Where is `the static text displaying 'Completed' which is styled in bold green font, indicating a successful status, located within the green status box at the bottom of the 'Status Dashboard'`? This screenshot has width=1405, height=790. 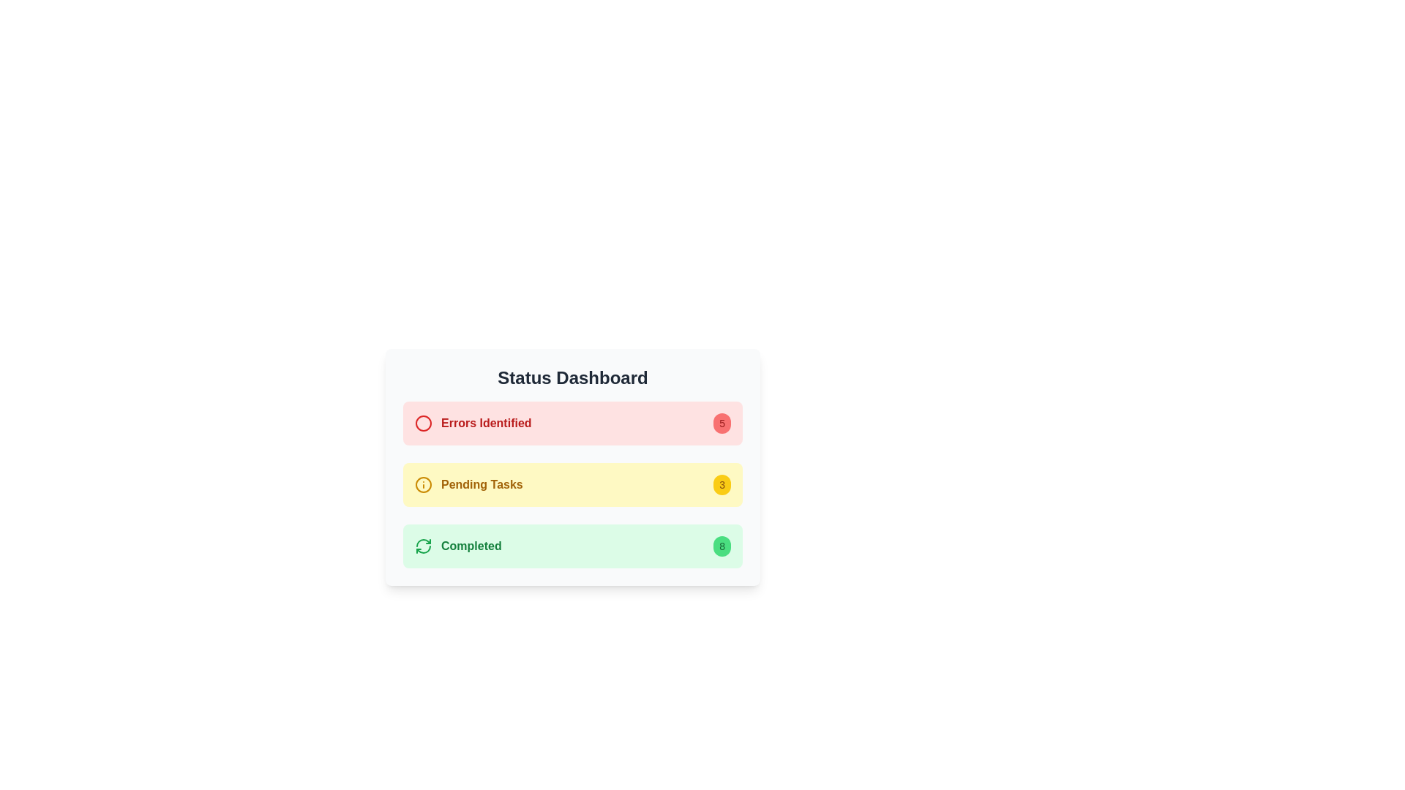
the static text displaying 'Completed' which is styled in bold green font, indicating a successful status, located within the green status box at the bottom of the 'Status Dashboard' is located at coordinates (471, 546).